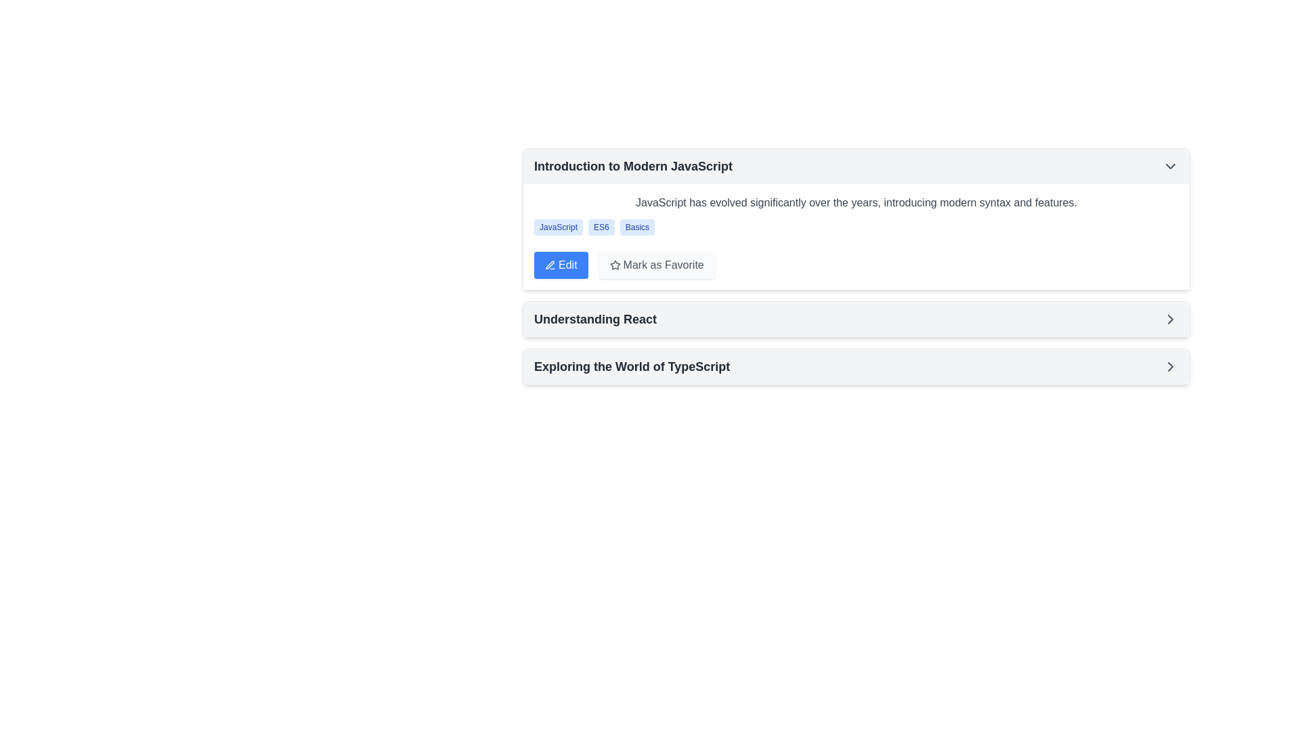  What do you see at coordinates (559, 226) in the screenshot?
I see `the text content of the tag labeled 'JavaScript', which is a small rounded rectangular element with a light blue background and dark blue text, positioned under the heading 'Introduction to Modern JavaScript'` at bounding box center [559, 226].